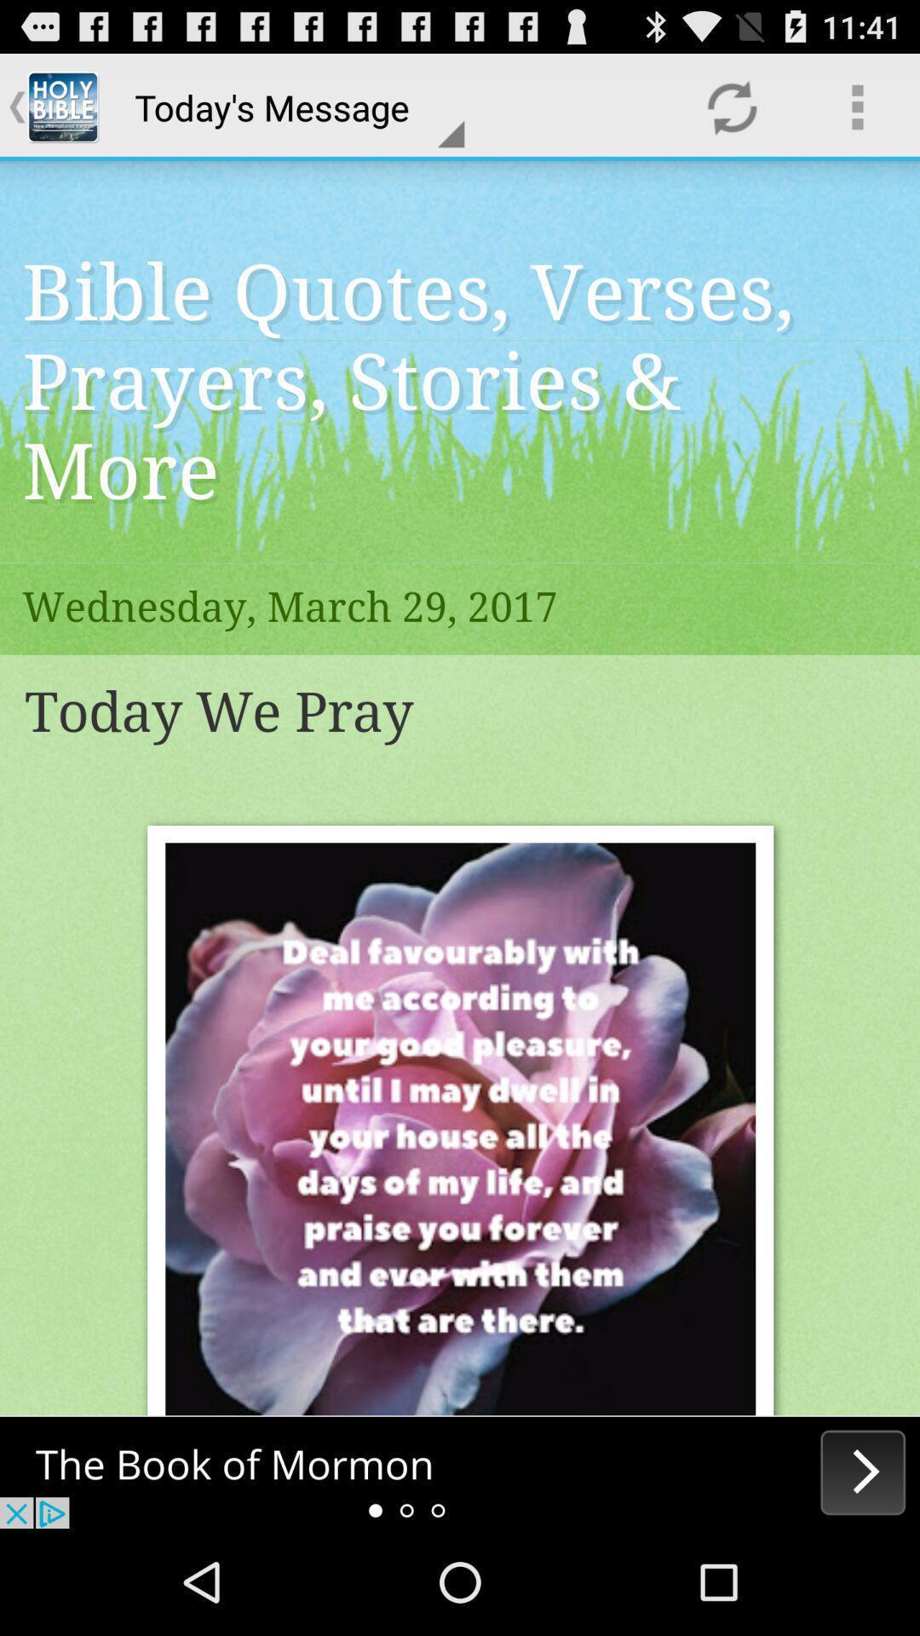 This screenshot has width=920, height=1636. I want to click on open this advertisement, so click(460, 1472).